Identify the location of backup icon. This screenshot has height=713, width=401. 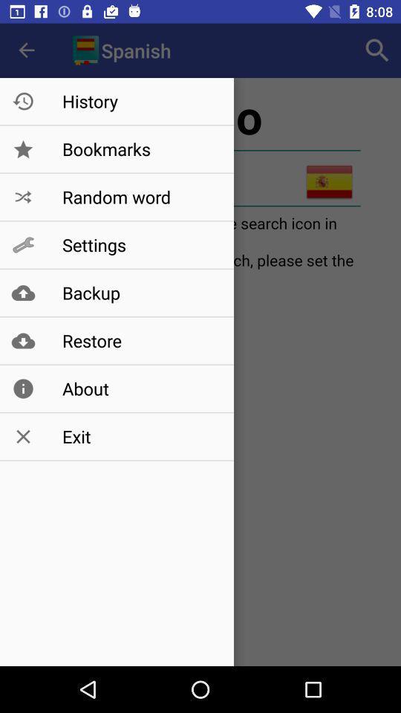
(140, 292).